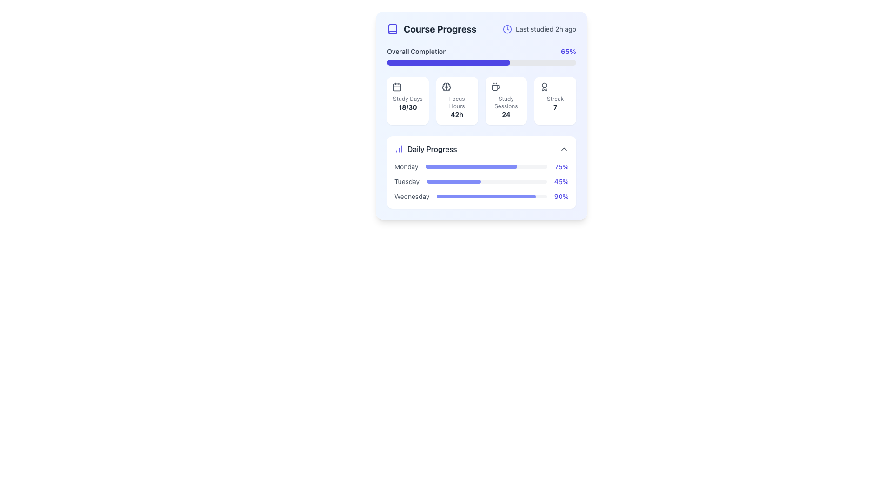  What do you see at coordinates (399, 148) in the screenshot?
I see `the blue chart SVG icon representing daily progress, located to the left of the 'Daily Progress' text` at bounding box center [399, 148].